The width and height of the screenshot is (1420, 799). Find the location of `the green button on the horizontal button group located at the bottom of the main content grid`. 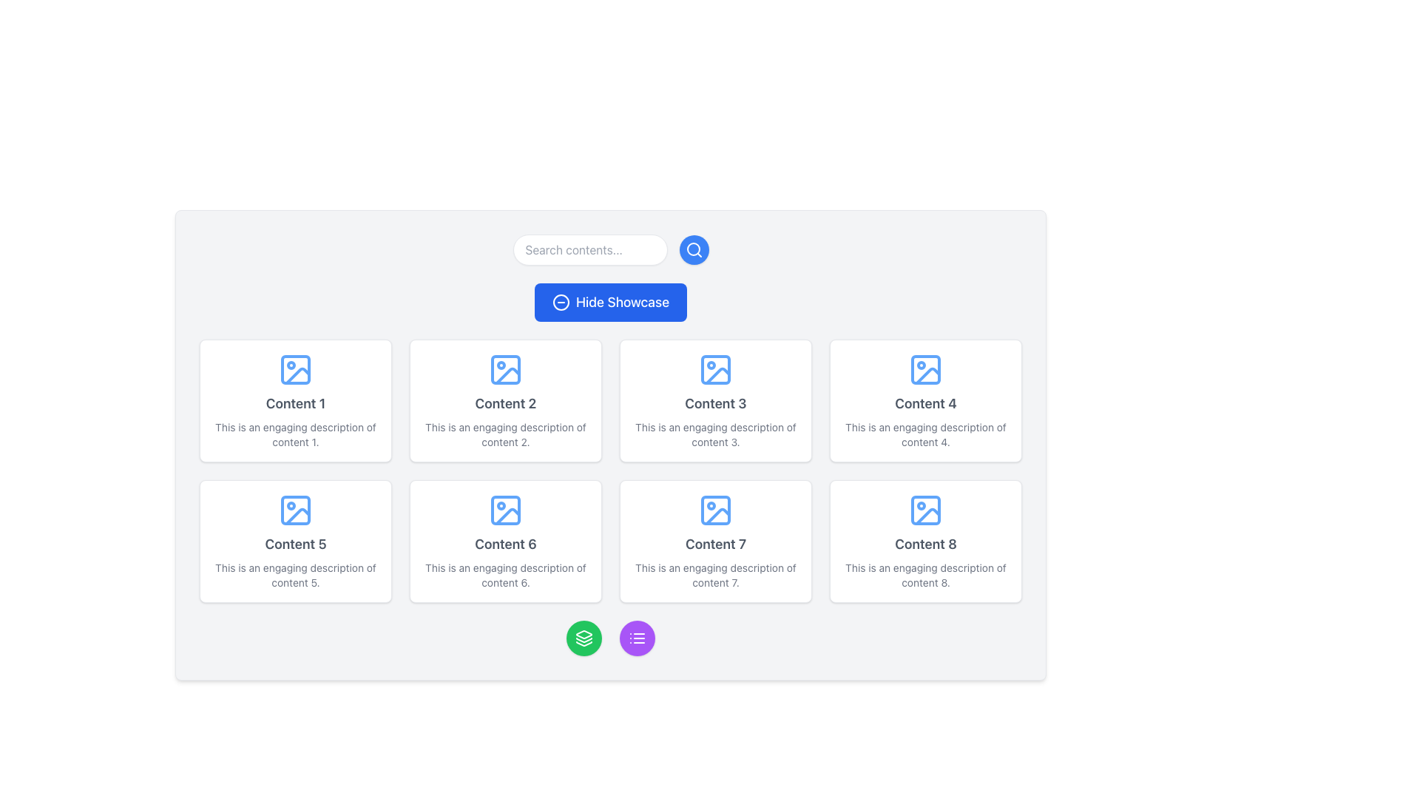

the green button on the horizontal button group located at the bottom of the main content grid is located at coordinates (610, 638).